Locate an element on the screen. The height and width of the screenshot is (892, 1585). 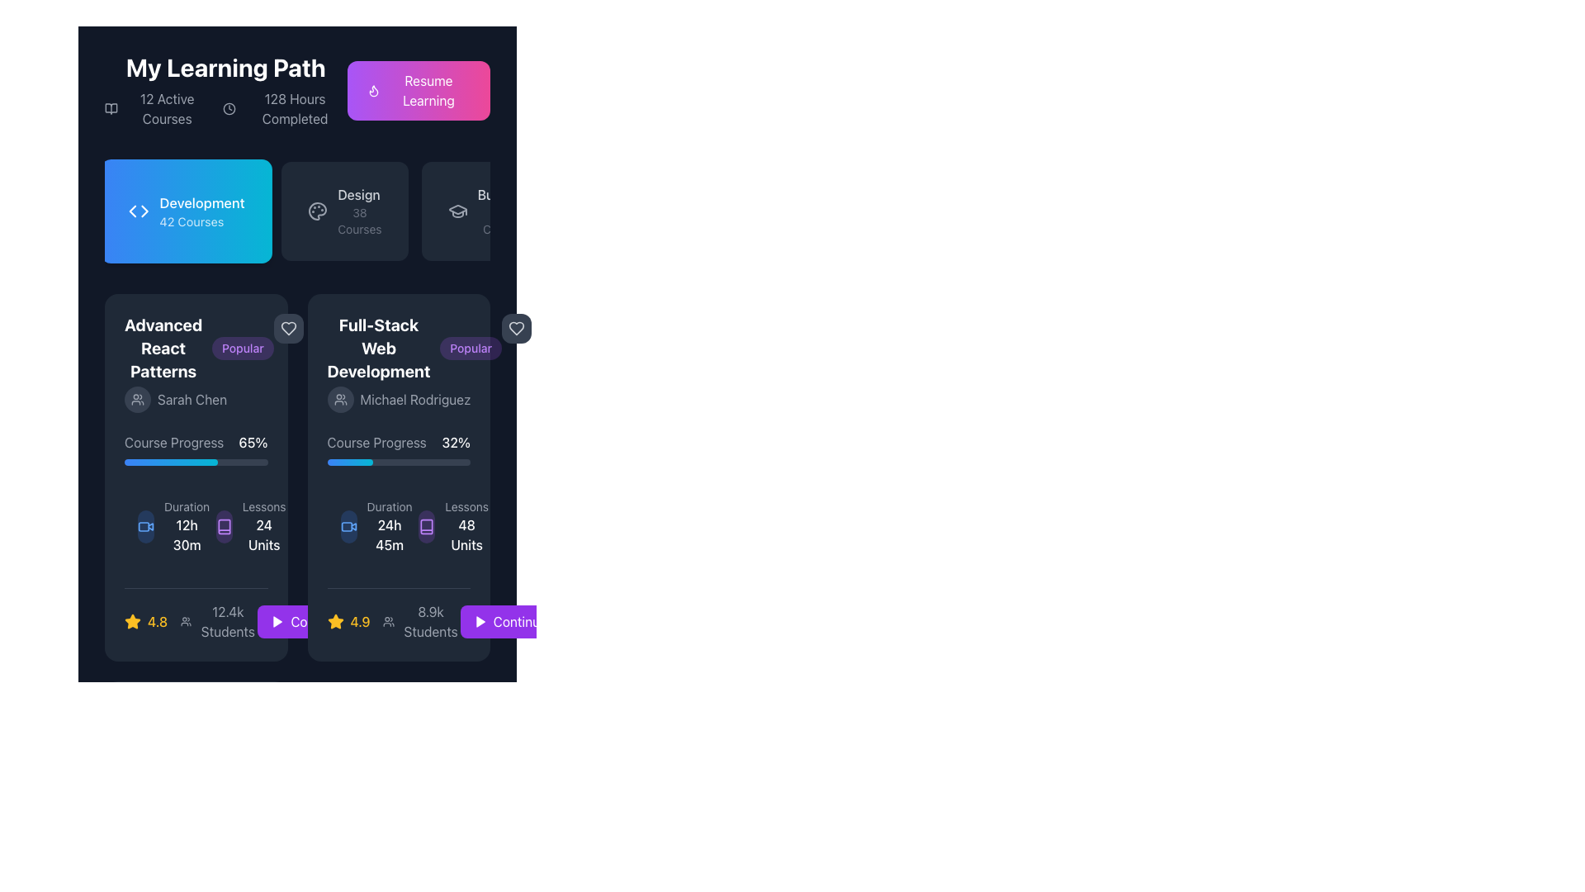
the author label indicating the creator of the course in the 'Advanced React Patterns' card, located in the lower half of the card, below the title and 'Popular' label is located at coordinates (198, 399).